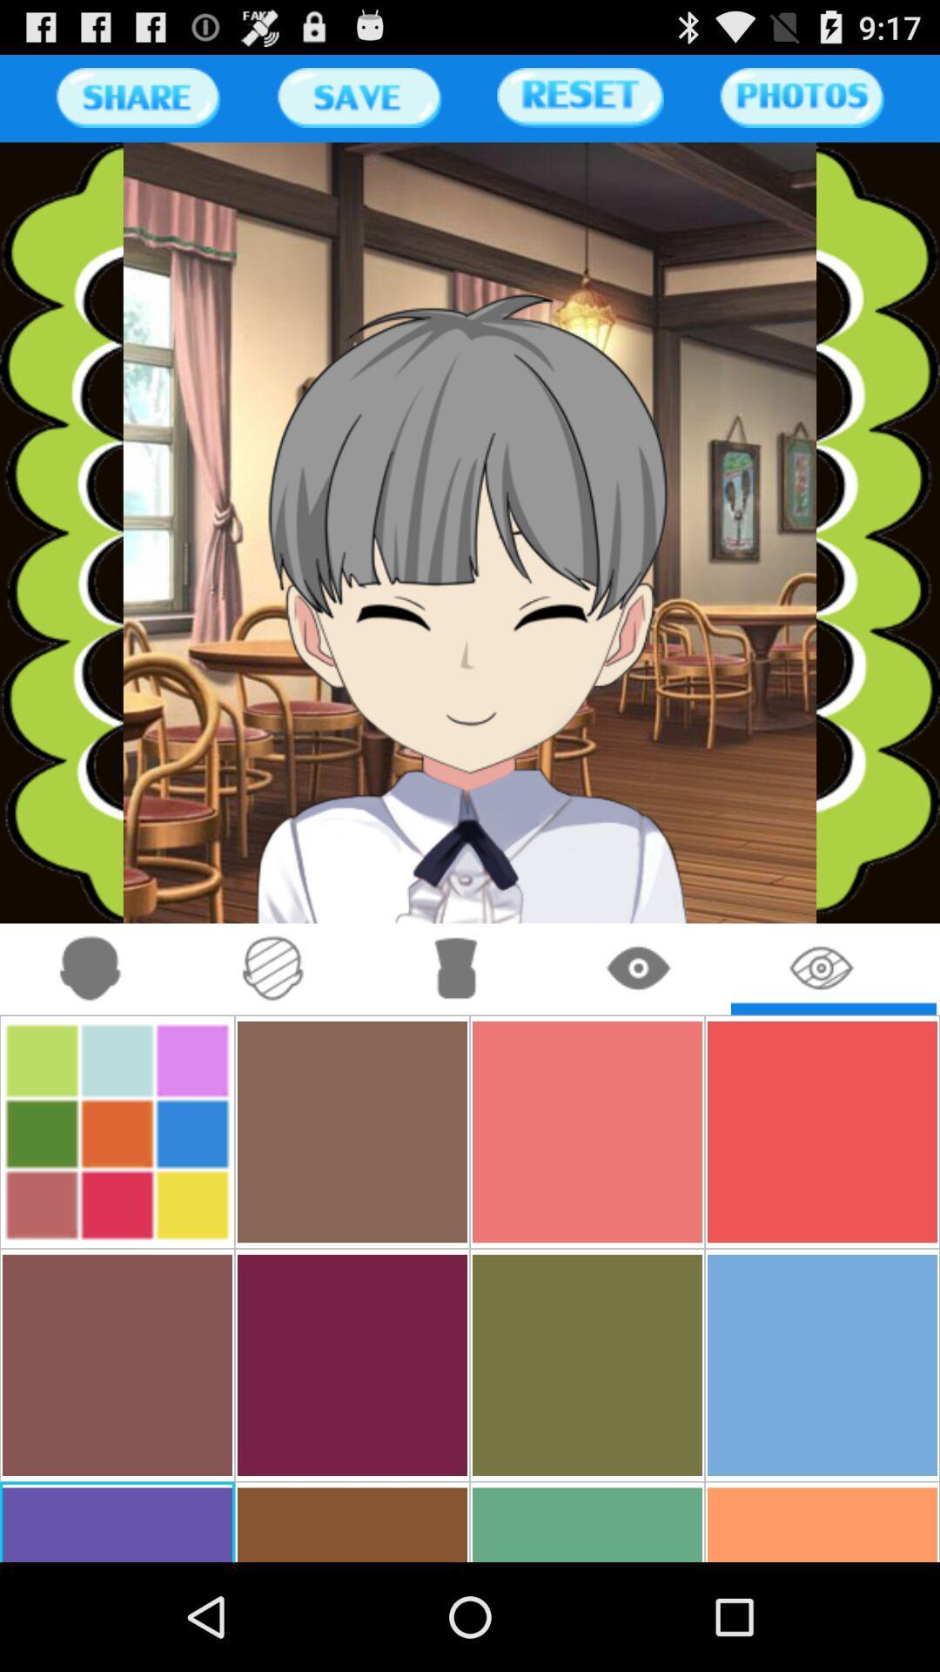 The image size is (940, 1672). I want to click on avatar, so click(91, 968).